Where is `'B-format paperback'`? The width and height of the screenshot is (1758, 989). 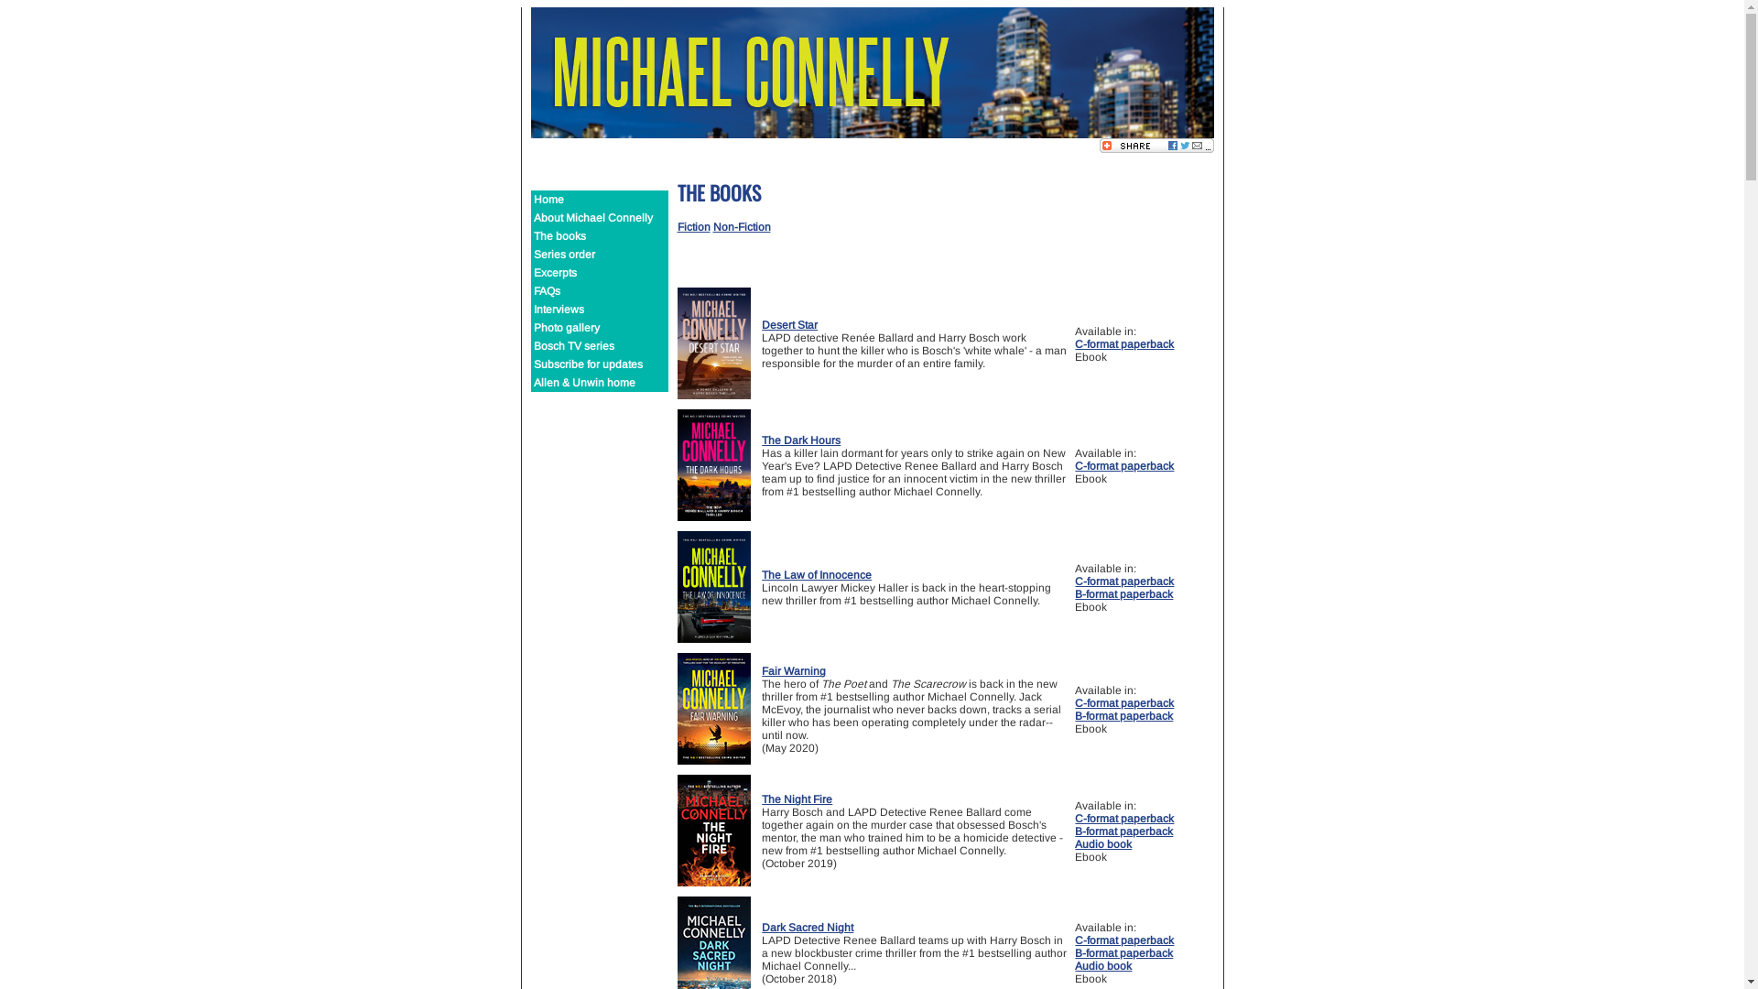
'B-format paperback' is located at coordinates (1123, 593).